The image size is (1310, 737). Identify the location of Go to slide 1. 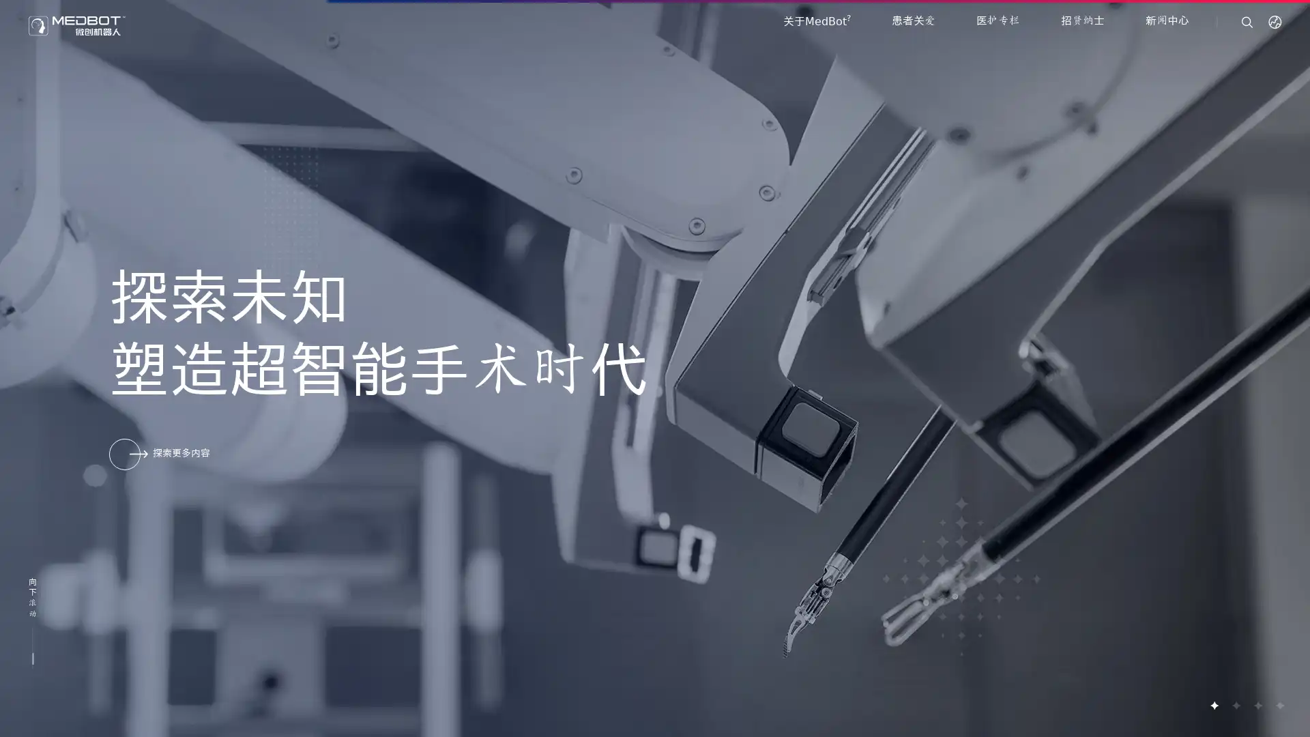
(1214, 705).